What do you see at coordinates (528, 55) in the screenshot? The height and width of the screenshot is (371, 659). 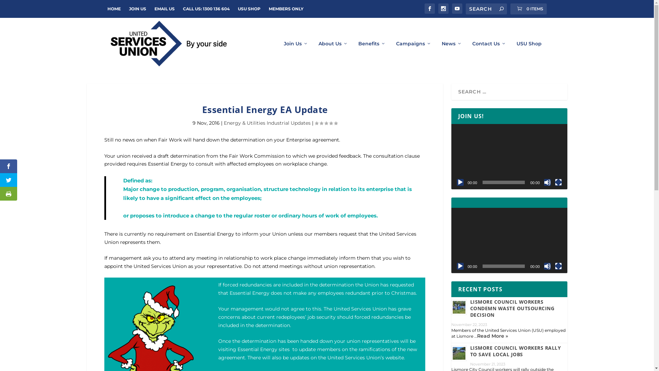 I see `'USU Shop'` at bounding box center [528, 55].